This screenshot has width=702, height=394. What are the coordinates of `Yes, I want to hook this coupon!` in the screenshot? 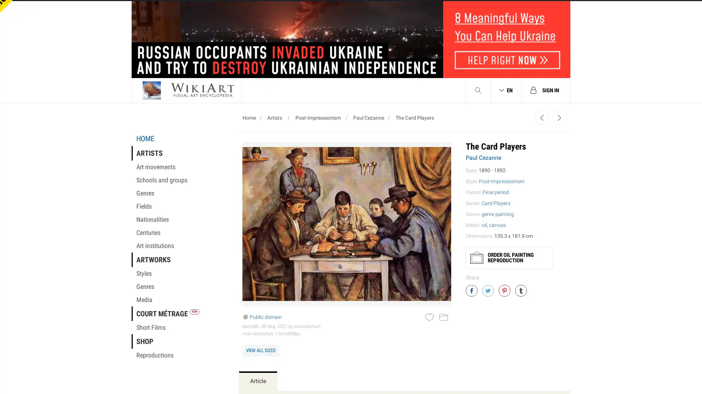 It's located at (277, 174).